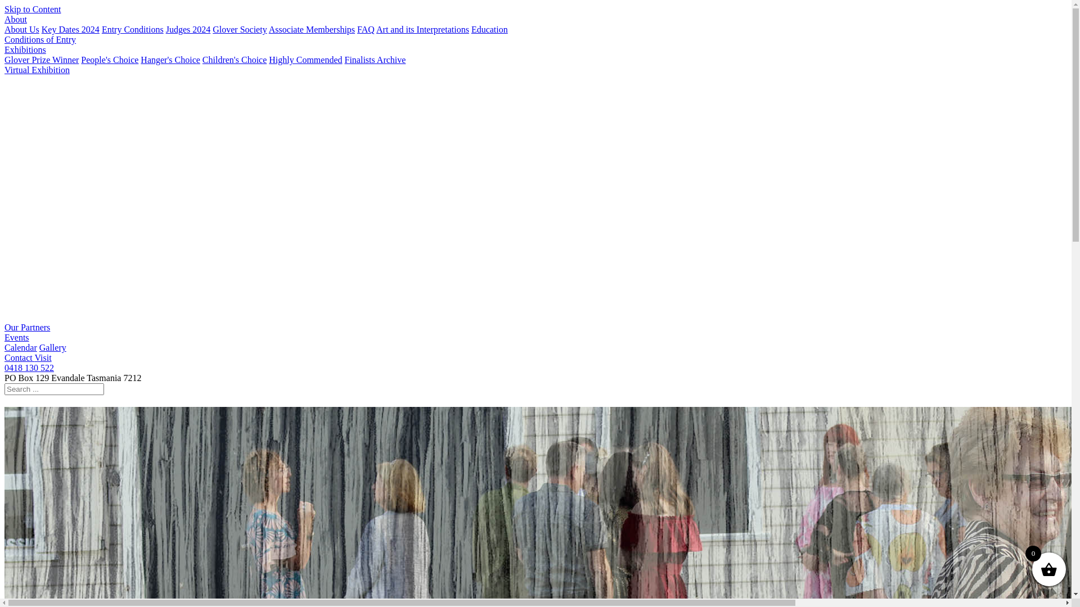 This screenshot has height=607, width=1080. Describe the element at coordinates (21, 29) in the screenshot. I see `'About Us'` at that location.